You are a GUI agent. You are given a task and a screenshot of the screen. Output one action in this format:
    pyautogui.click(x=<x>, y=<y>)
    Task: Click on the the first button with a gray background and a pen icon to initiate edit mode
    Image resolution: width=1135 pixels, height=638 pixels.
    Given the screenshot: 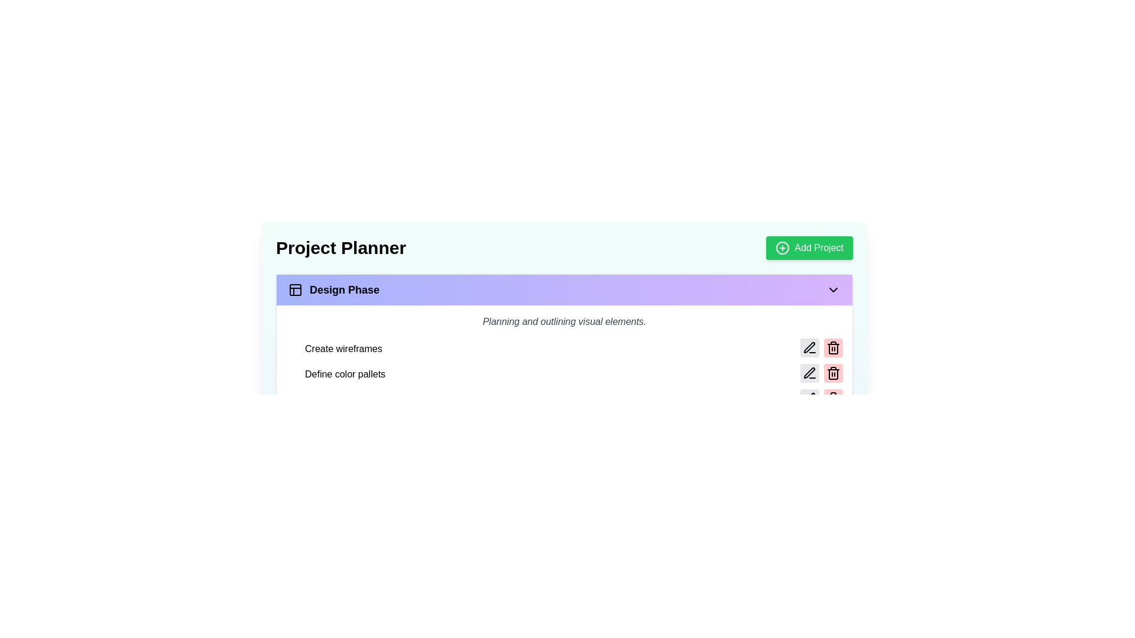 What is the action you would take?
    pyautogui.click(x=809, y=373)
    